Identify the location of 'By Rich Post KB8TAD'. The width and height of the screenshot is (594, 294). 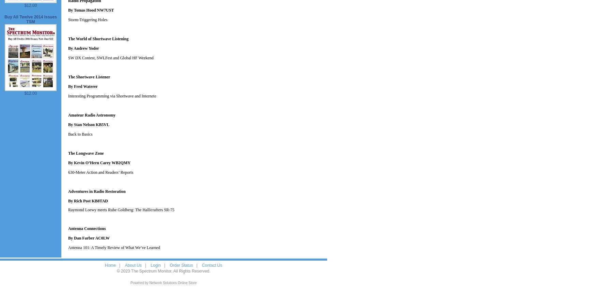
(87, 201).